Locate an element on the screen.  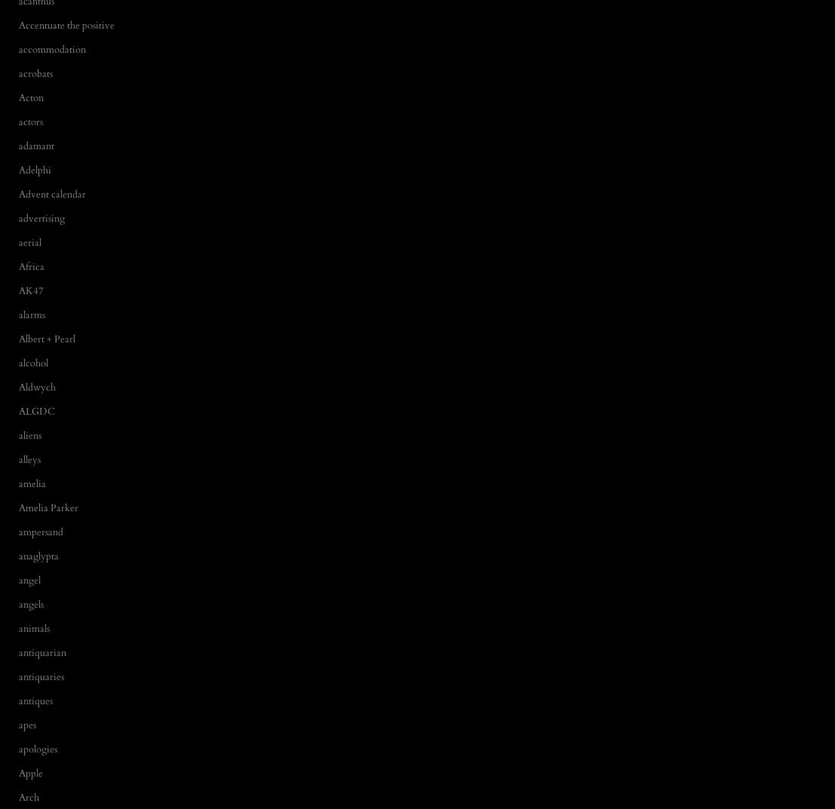
'advertising' is located at coordinates (41, 216).